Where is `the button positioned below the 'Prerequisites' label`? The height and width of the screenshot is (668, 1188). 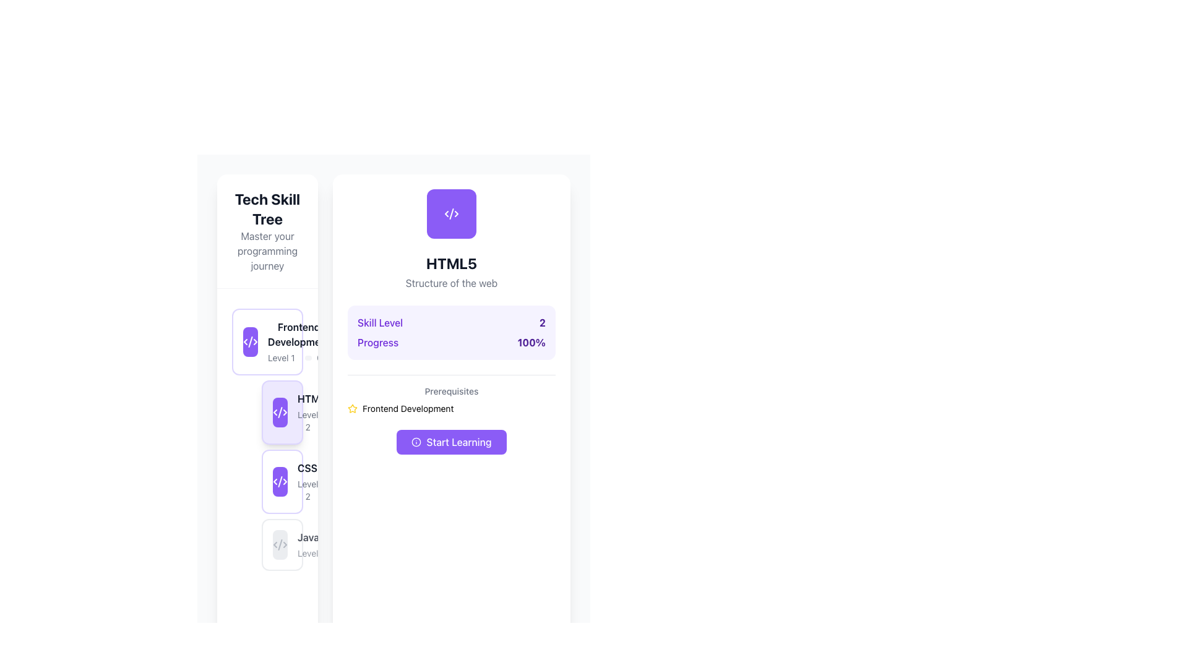 the button positioned below the 'Prerequisites' label is located at coordinates (450, 441).